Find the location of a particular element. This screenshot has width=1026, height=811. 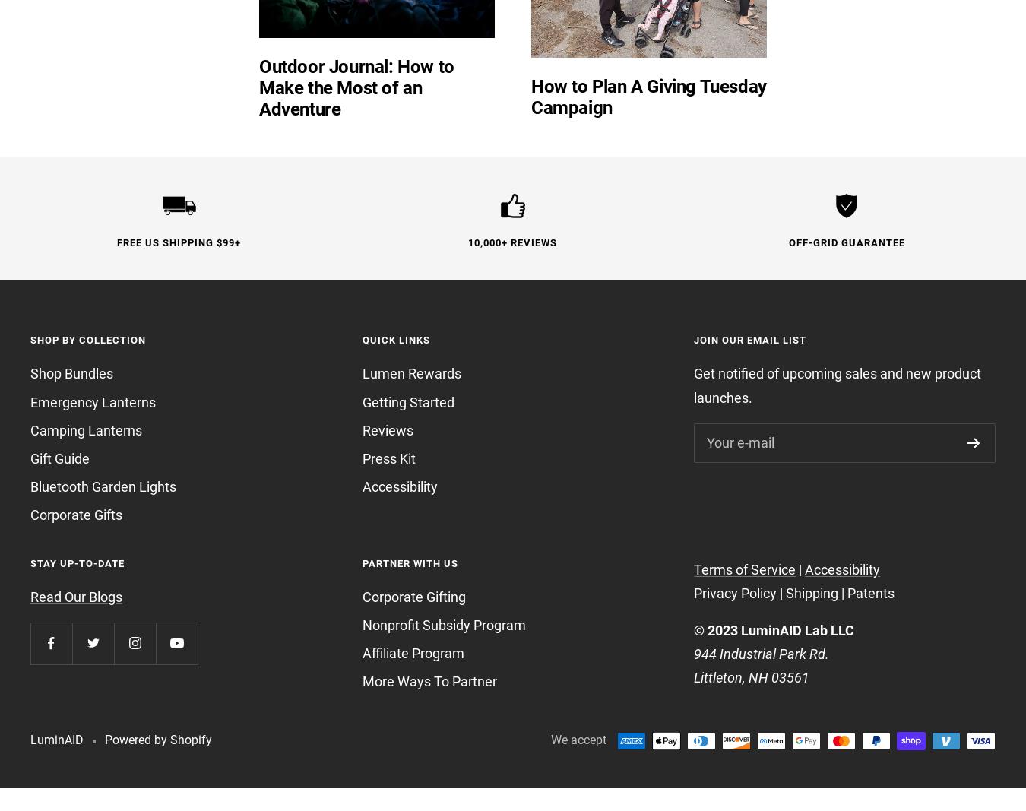

'Your e-mail' is located at coordinates (739, 442).